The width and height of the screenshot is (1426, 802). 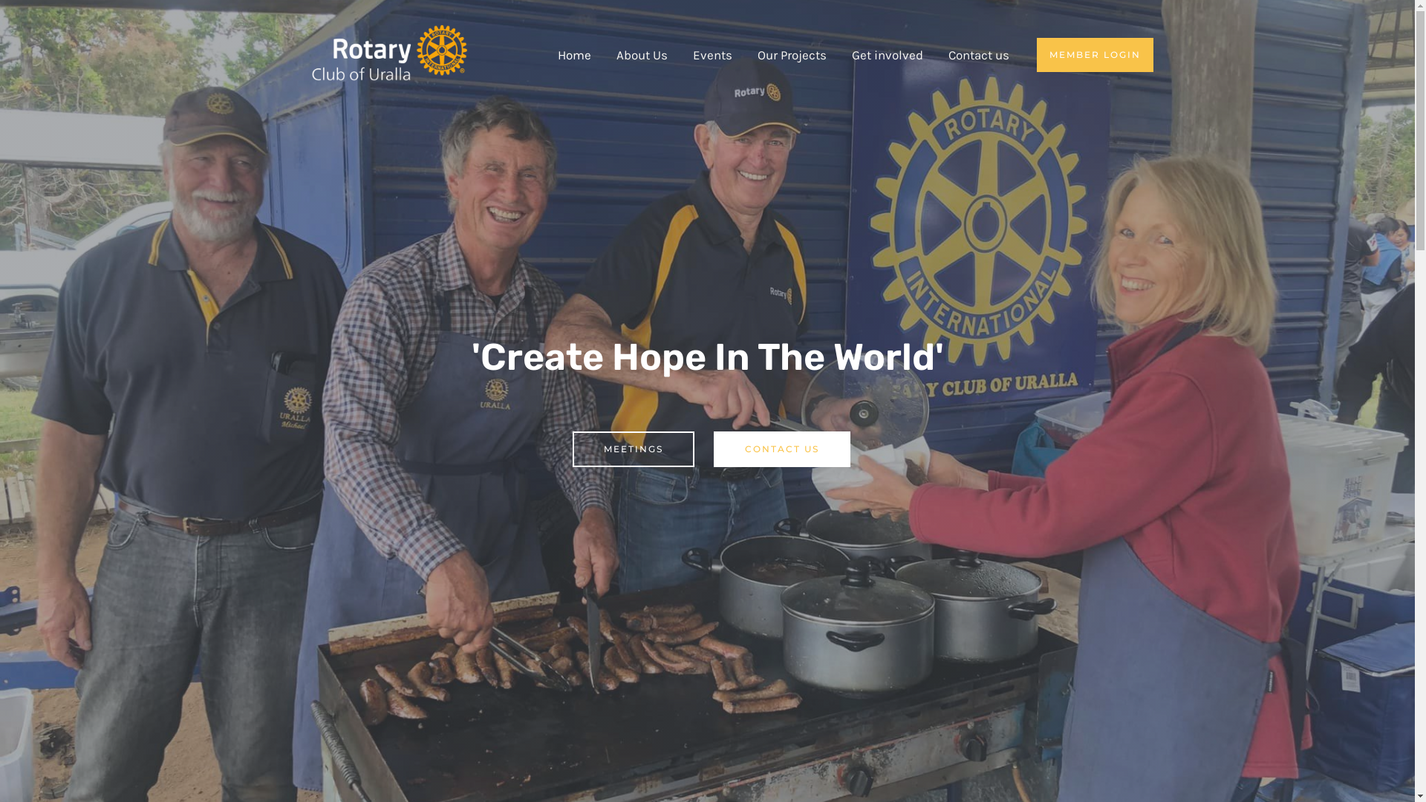 What do you see at coordinates (632, 449) in the screenshot?
I see `'MEETINGS'` at bounding box center [632, 449].